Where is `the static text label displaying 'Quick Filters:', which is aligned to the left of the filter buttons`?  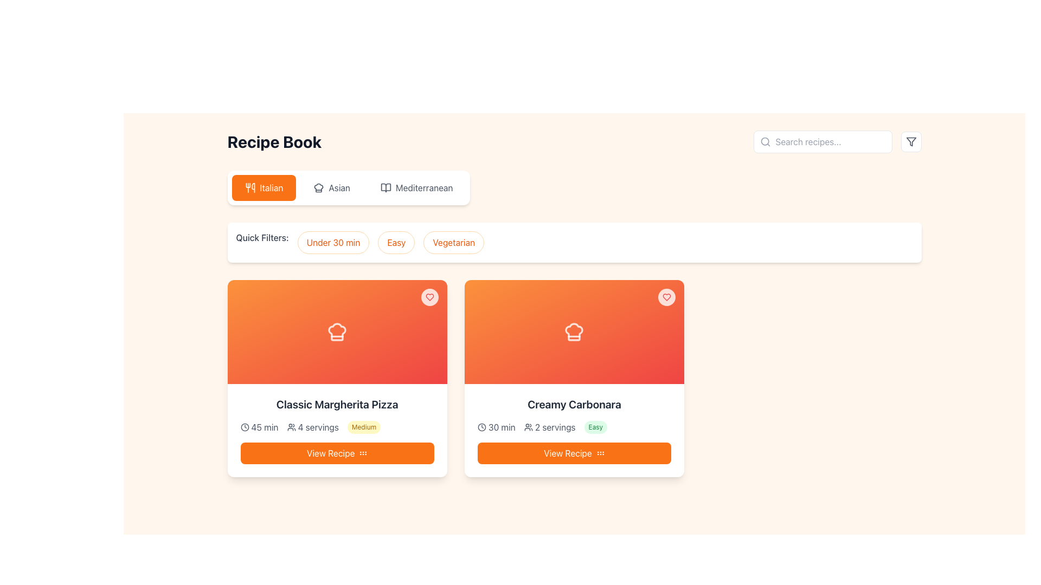 the static text label displaying 'Quick Filters:', which is aligned to the left of the filter buttons is located at coordinates (262, 242).